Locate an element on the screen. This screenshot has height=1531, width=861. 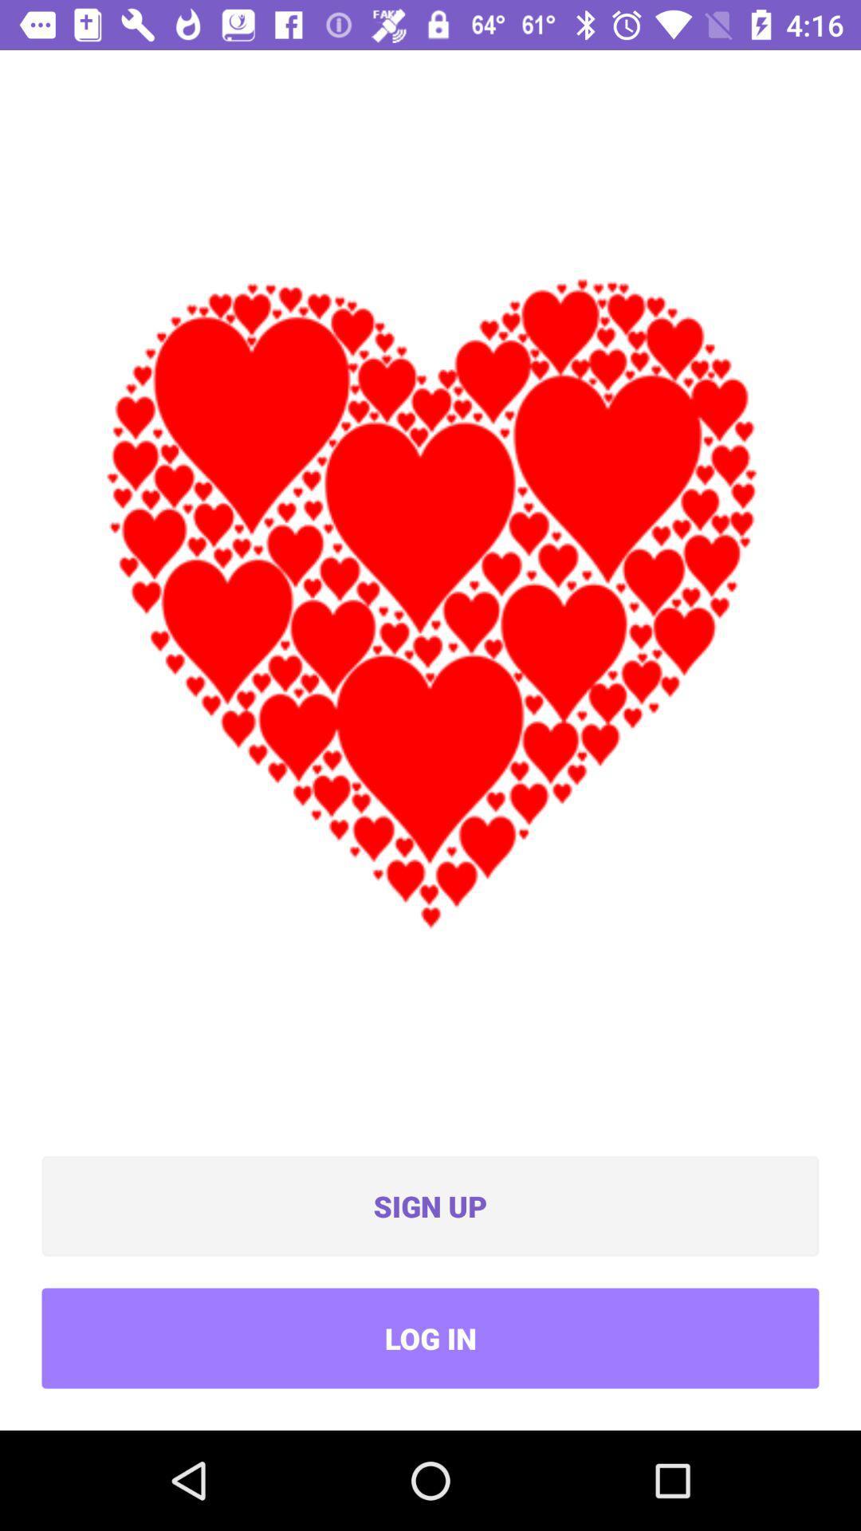
icon above the log in icon is located at coordinates (431, 1206).